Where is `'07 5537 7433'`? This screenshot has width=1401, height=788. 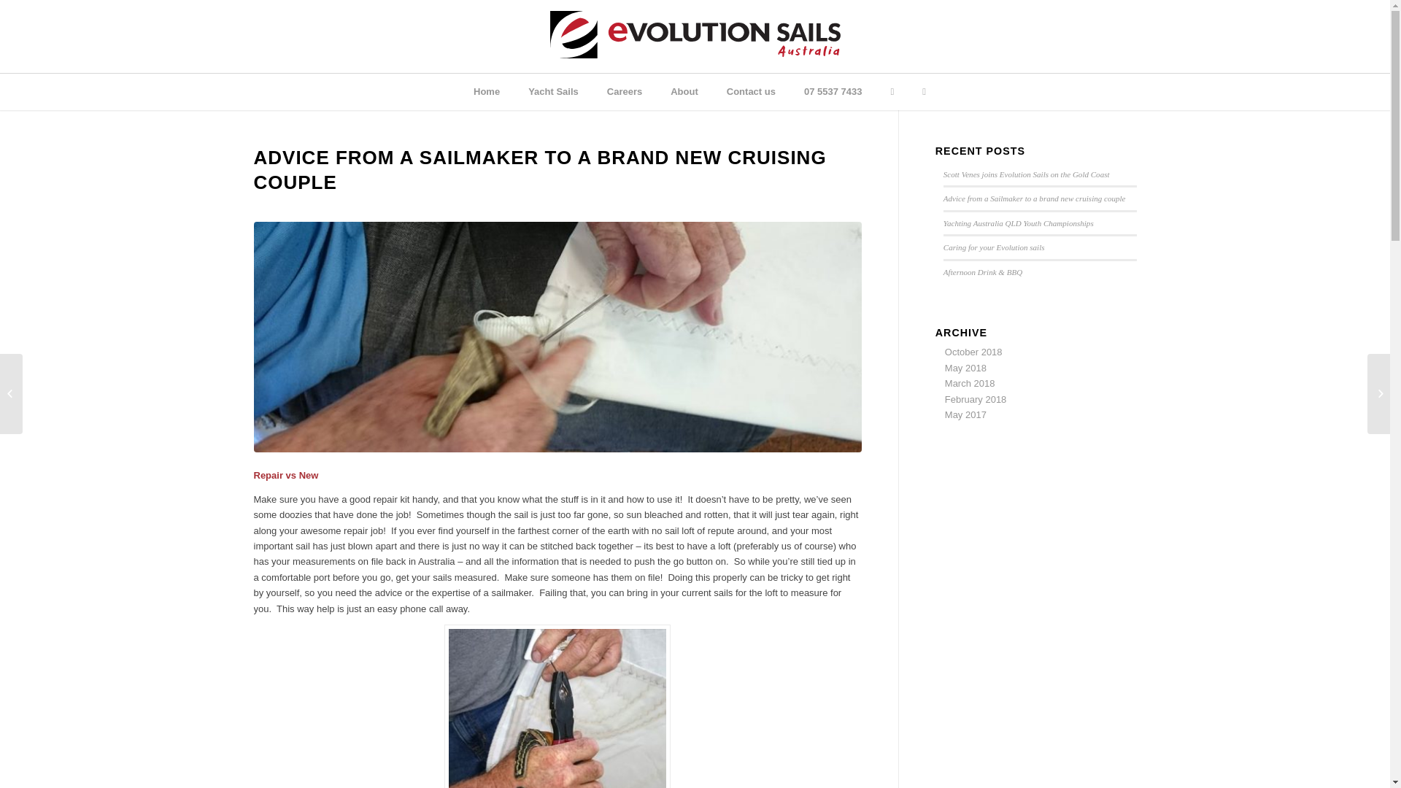
'07 5537 7433' is located at coordinates (833, 92).